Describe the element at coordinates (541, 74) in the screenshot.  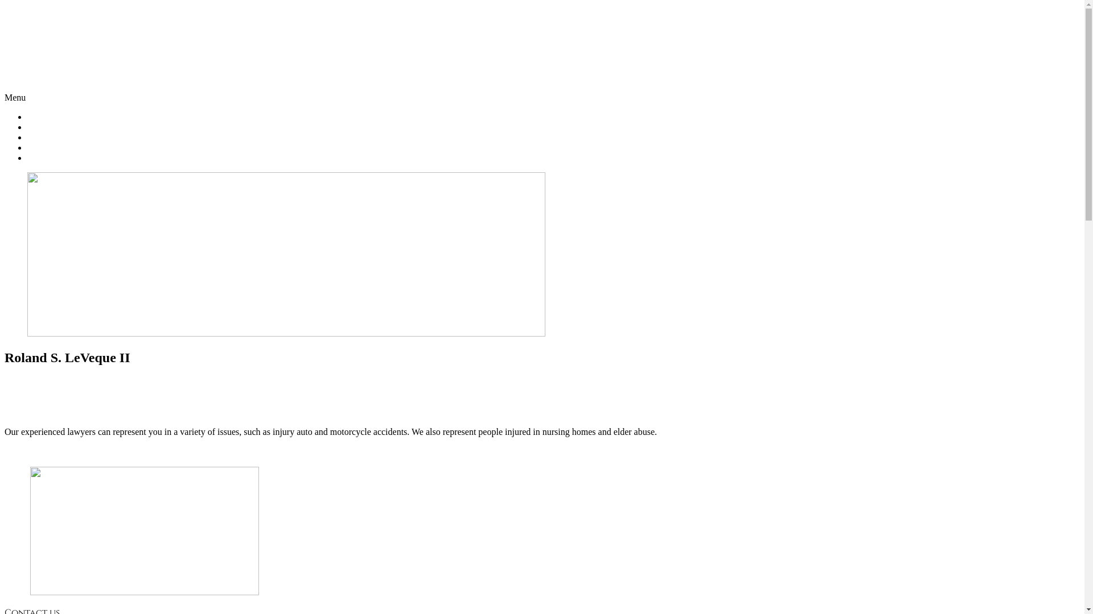
I see `'(800) 696-4742'` at that location.